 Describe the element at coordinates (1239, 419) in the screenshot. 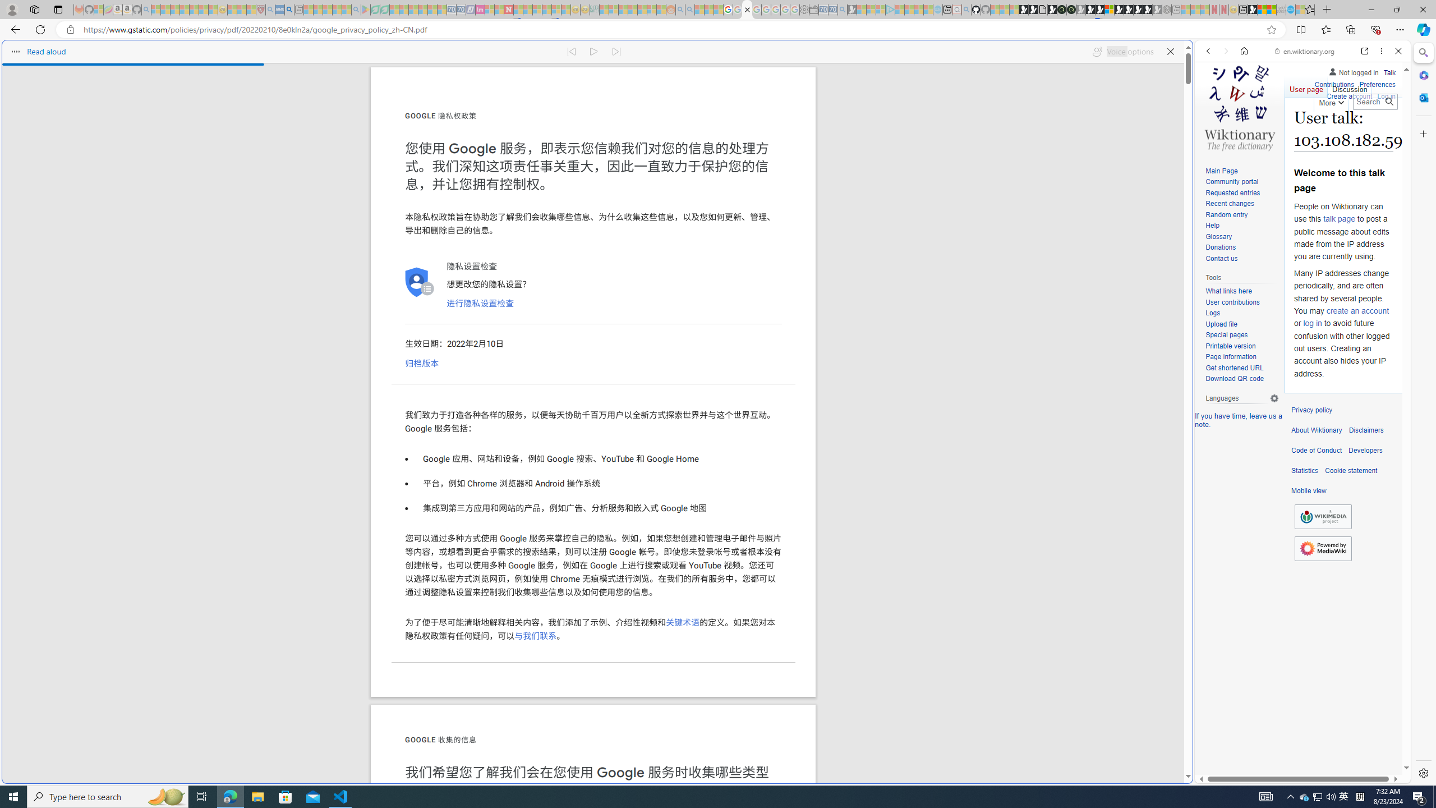

I see `'If you have time, leave us a note.'` at that location.